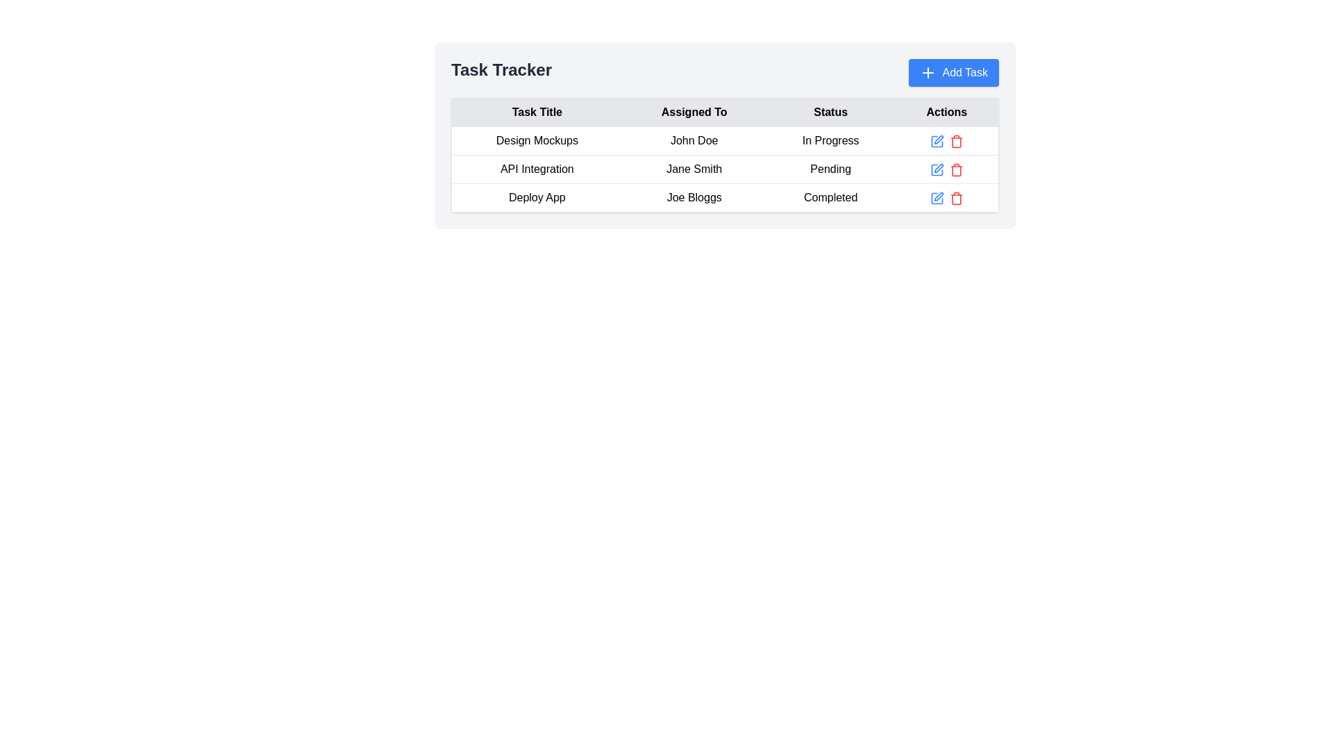 This screenshot has width=1333, height=750. What do you see at coordinates (955, 141) in the screenshot?
I see `the red trash bin icon in the 'Actions' column of the task management table to observe styling changes` at bounding box center [955, 141].